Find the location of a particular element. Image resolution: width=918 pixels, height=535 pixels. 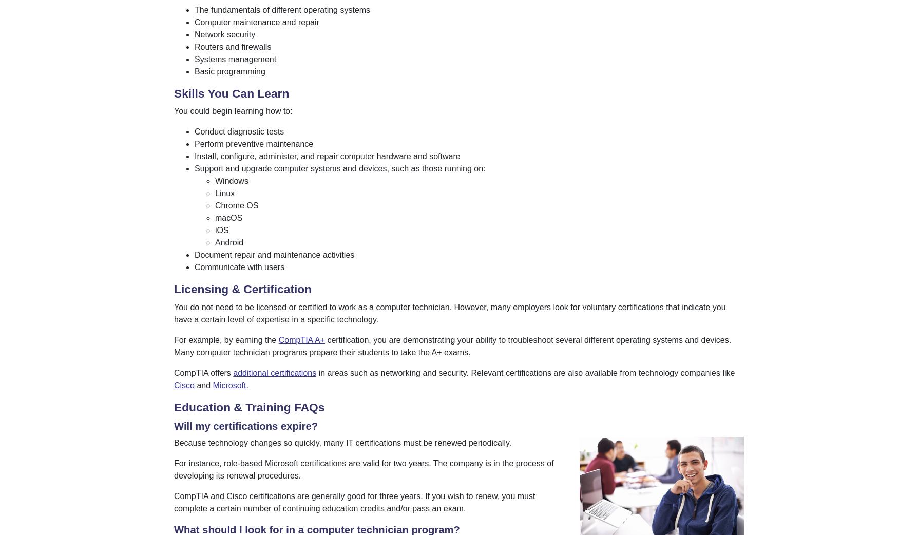

'Network security' is located at coordinates (224, 33).